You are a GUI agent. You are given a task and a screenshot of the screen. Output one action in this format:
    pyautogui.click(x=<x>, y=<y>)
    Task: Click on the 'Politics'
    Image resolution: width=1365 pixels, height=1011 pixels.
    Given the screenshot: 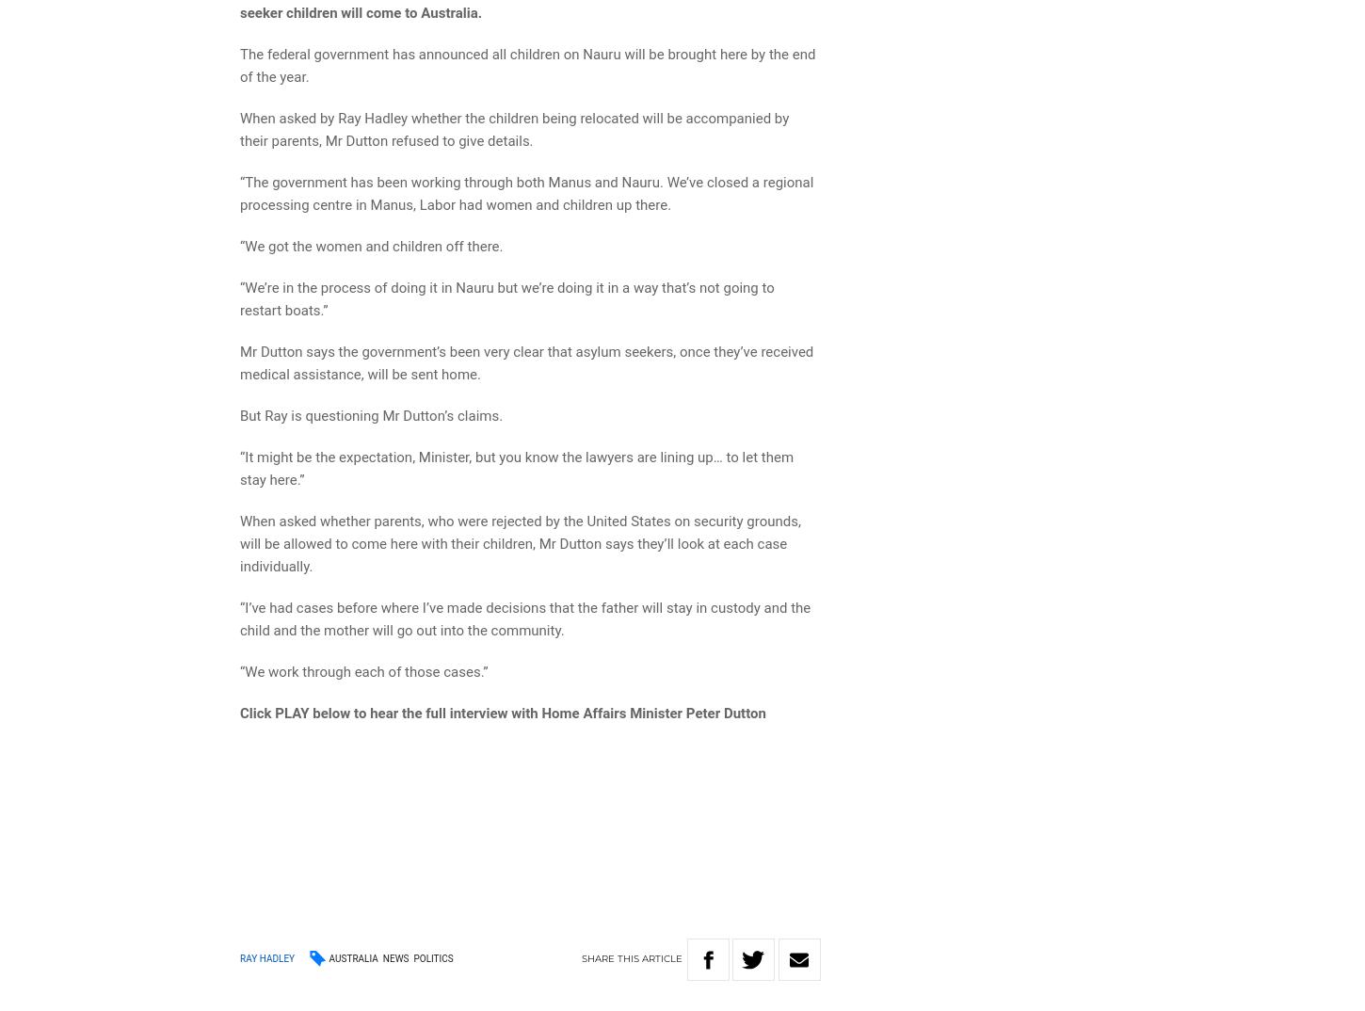 What is the action you would take?
    pyautogui.click(x=431, y=956)
    